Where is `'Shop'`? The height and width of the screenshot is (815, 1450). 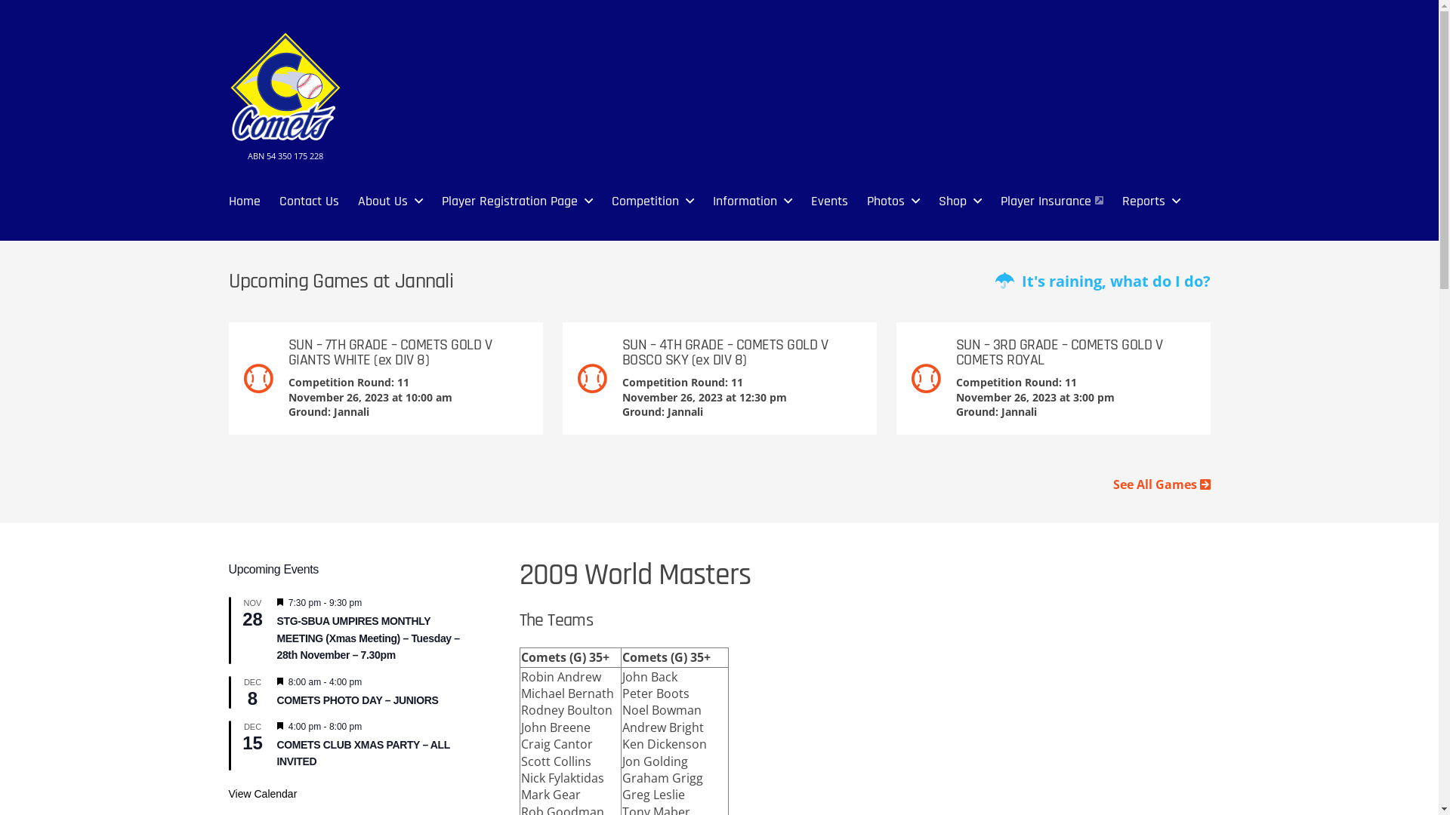
'Shop' is located at coordinates (951, 200).